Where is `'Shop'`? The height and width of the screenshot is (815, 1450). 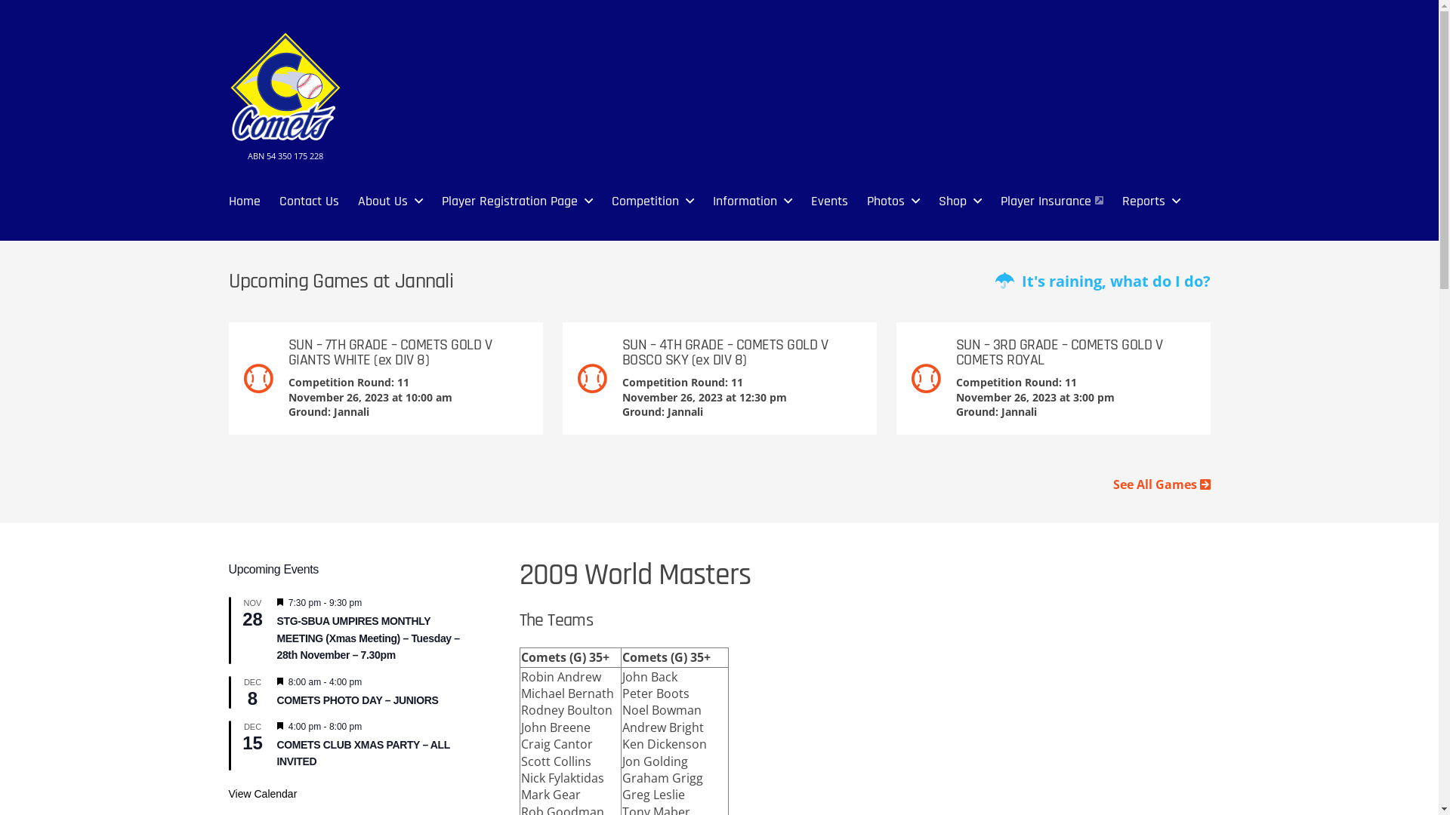
'Shop' is located at coordinates (951, 200).